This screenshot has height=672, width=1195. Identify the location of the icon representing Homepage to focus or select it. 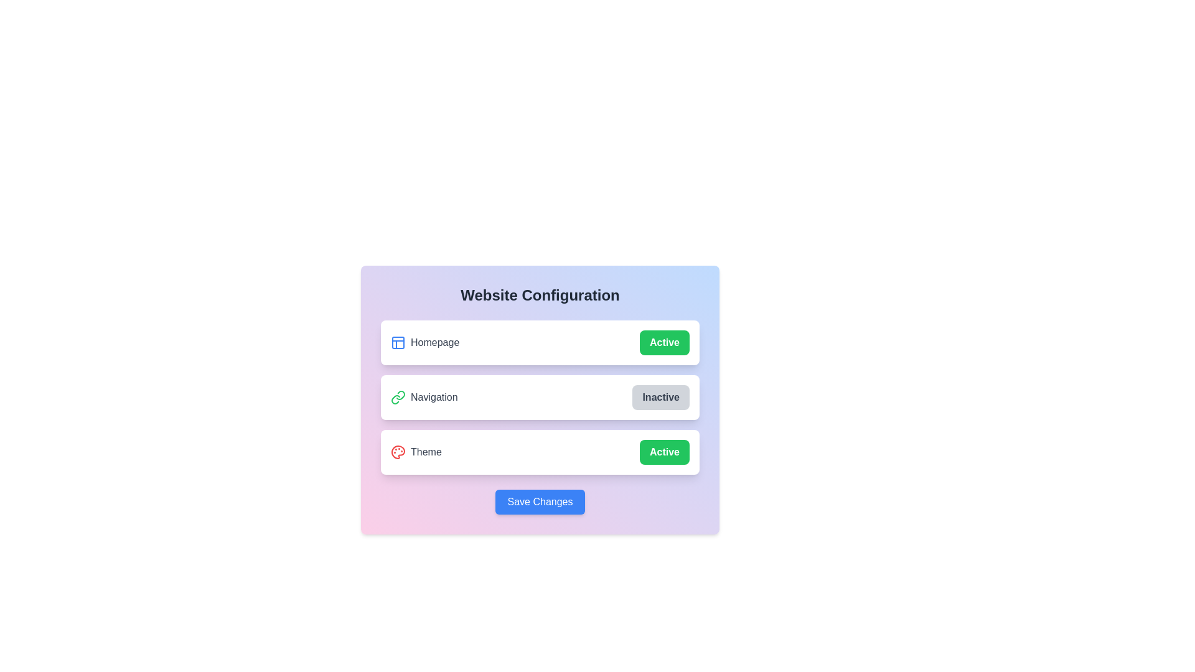
(397, 343).